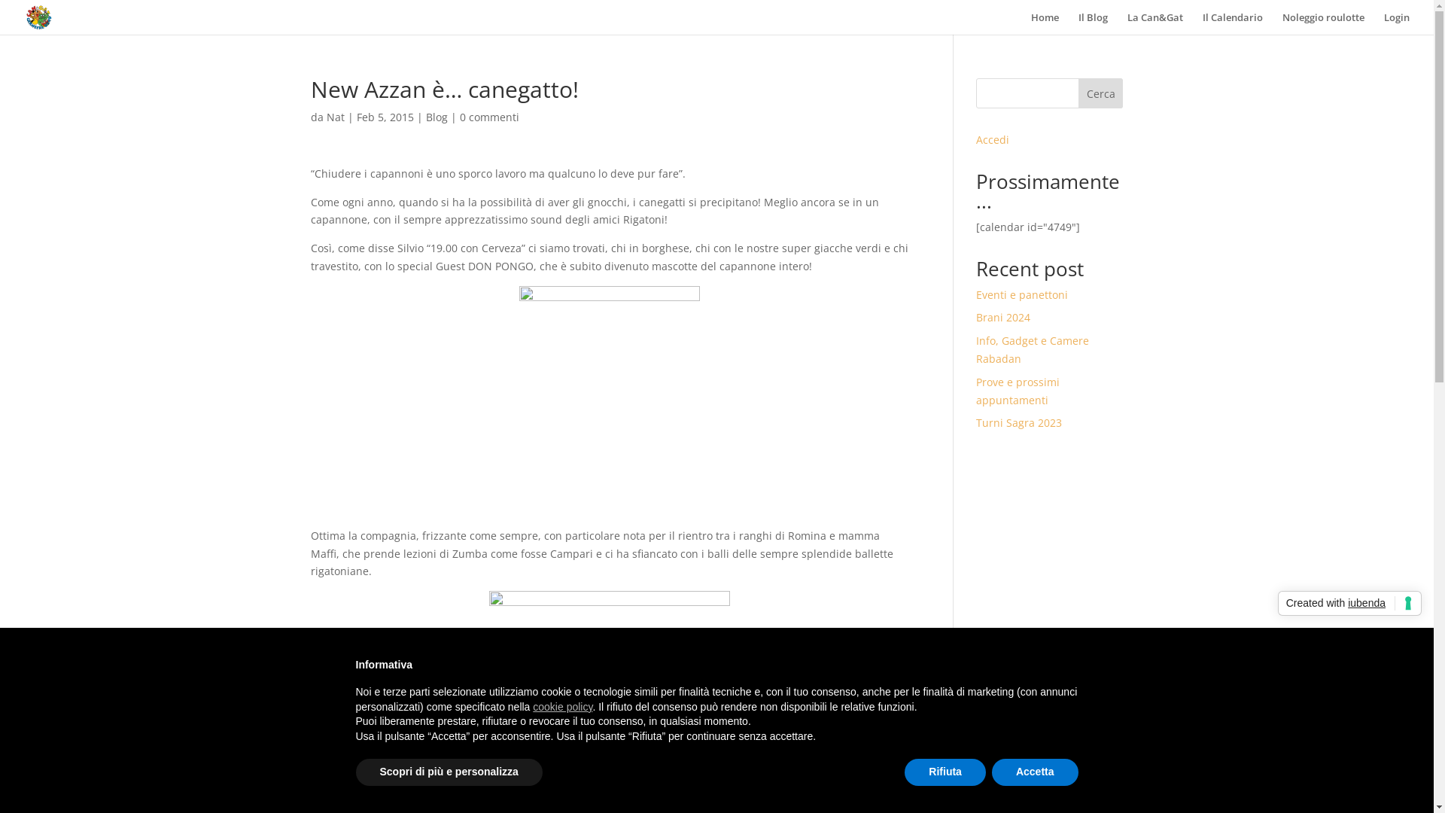 This screenshot has height=813, width=1445. I want to click on 'Il Calendario', so click(1232, 23).